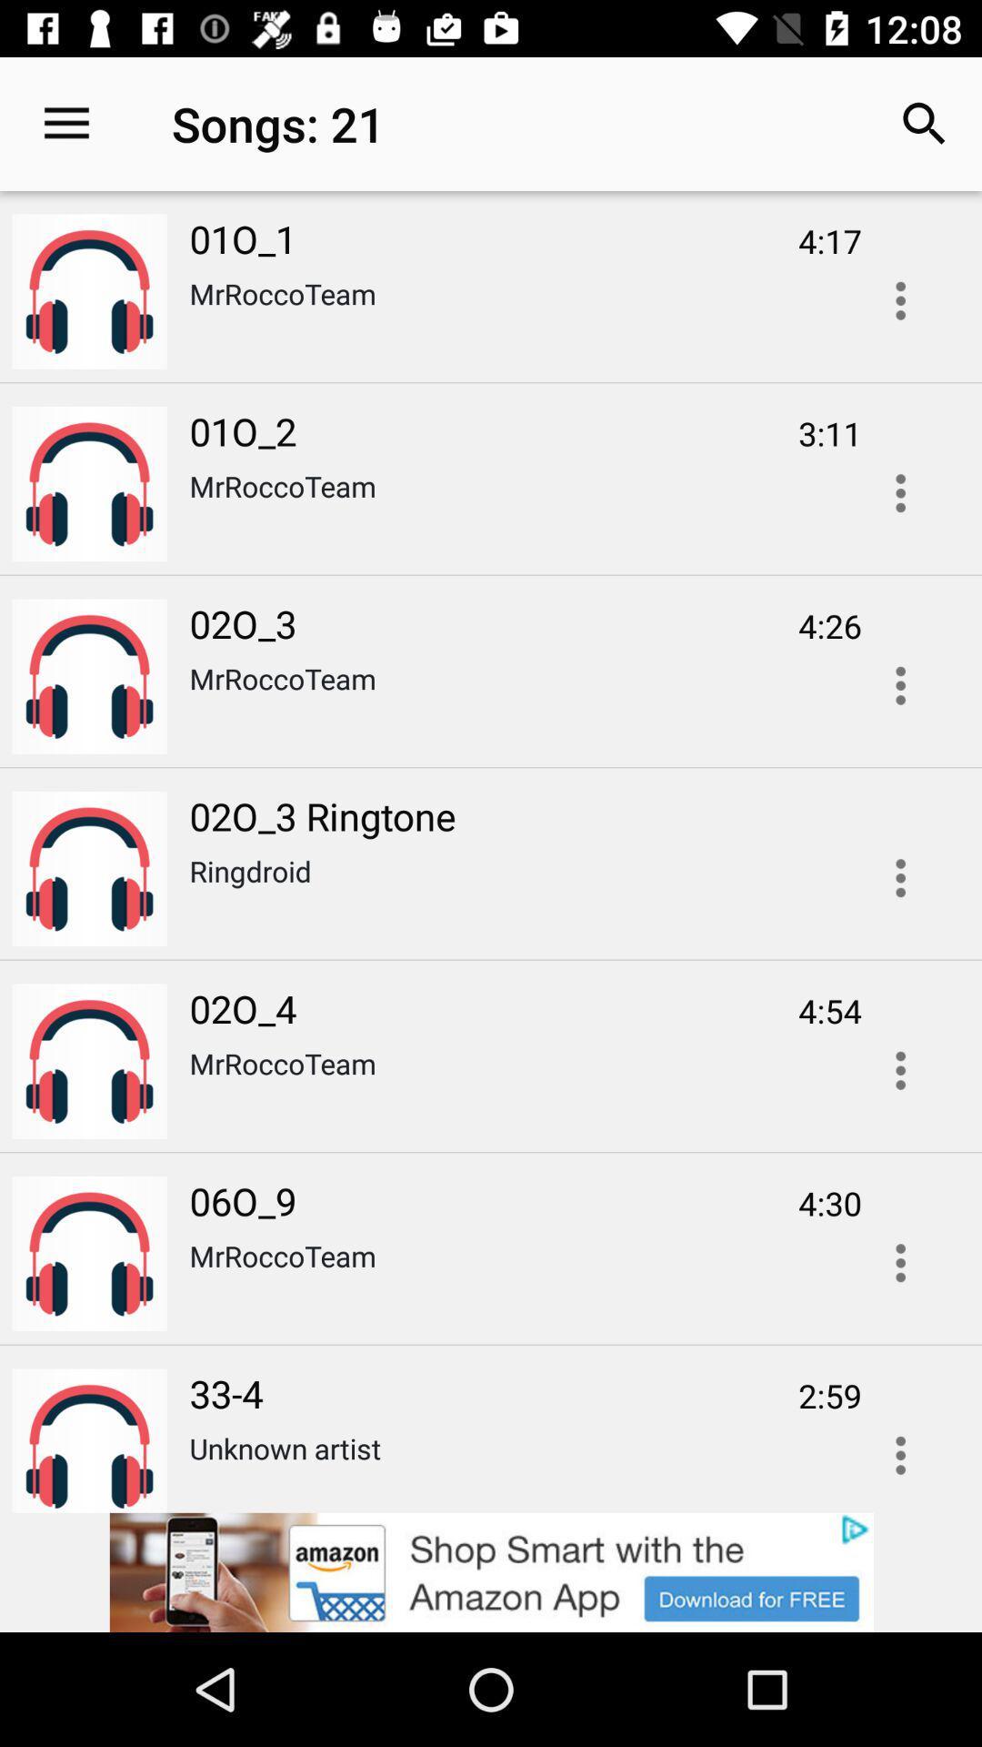  I want to click on options, so click(900, 1070).